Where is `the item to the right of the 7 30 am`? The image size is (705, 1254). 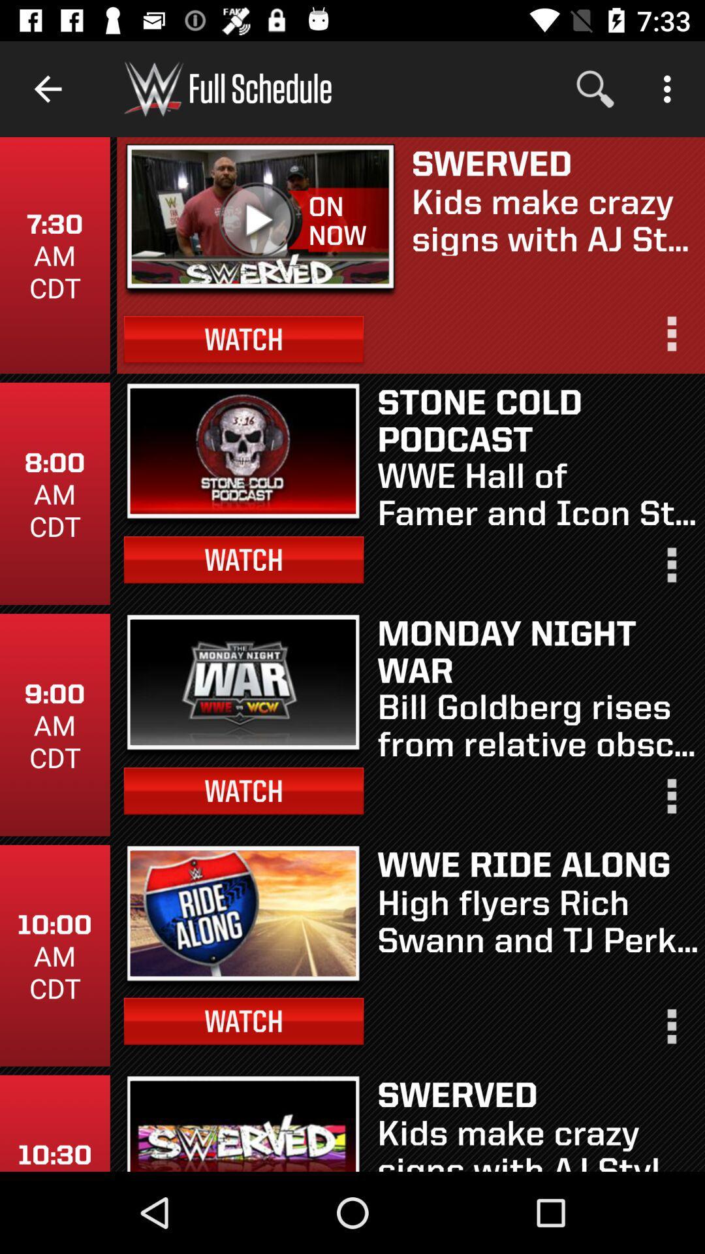 the item to the right of the 7 30 am is located at coordinates (260, 221).